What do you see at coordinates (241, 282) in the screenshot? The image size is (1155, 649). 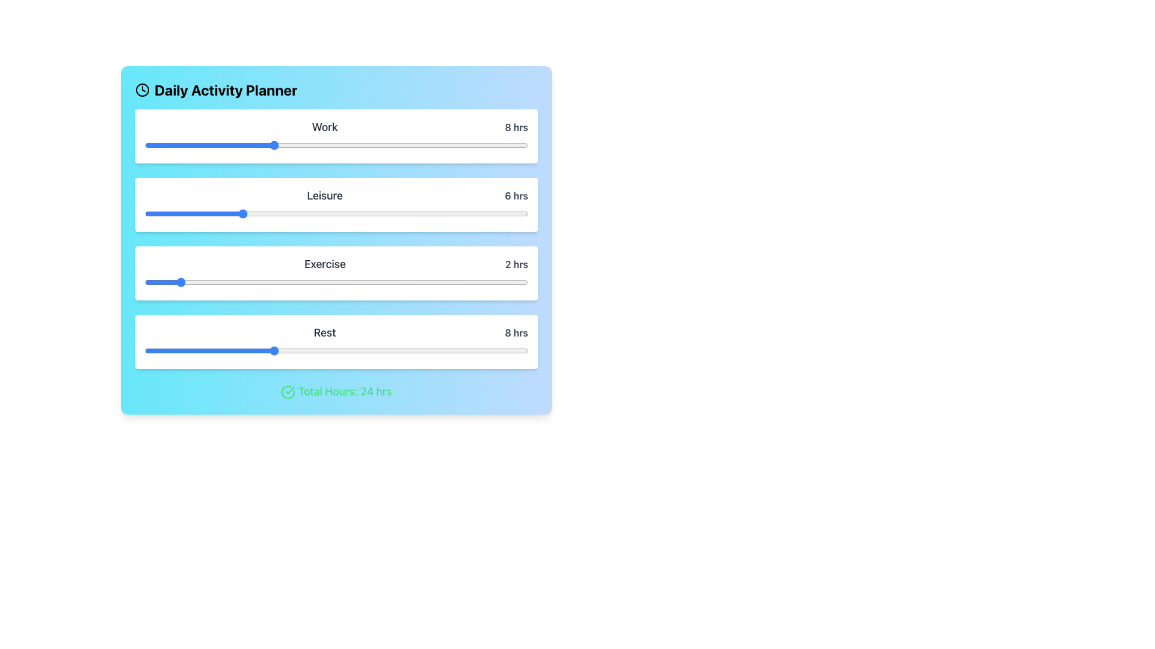 I see `Exercise hours` at bounding box center [241, 282].